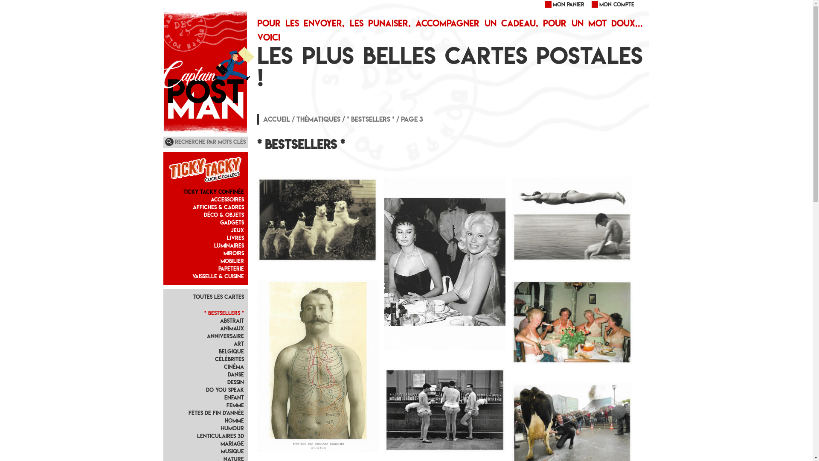 Image resolution: width=819 pixels, height=461 pixels. Describe the element at coordinates (225, 336) in the screenshot. I see `'Anniversaire'` at that location.